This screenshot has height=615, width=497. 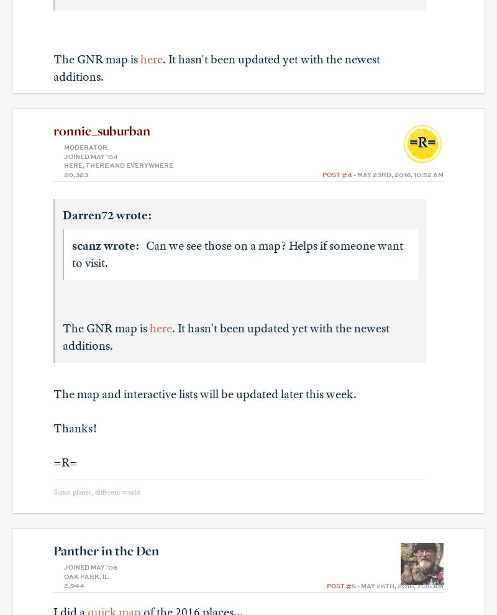 What do you see at coordinates (105, 550) in the screenshot?
I see `'Panther in the Den'` at bounding box center [105, 550].